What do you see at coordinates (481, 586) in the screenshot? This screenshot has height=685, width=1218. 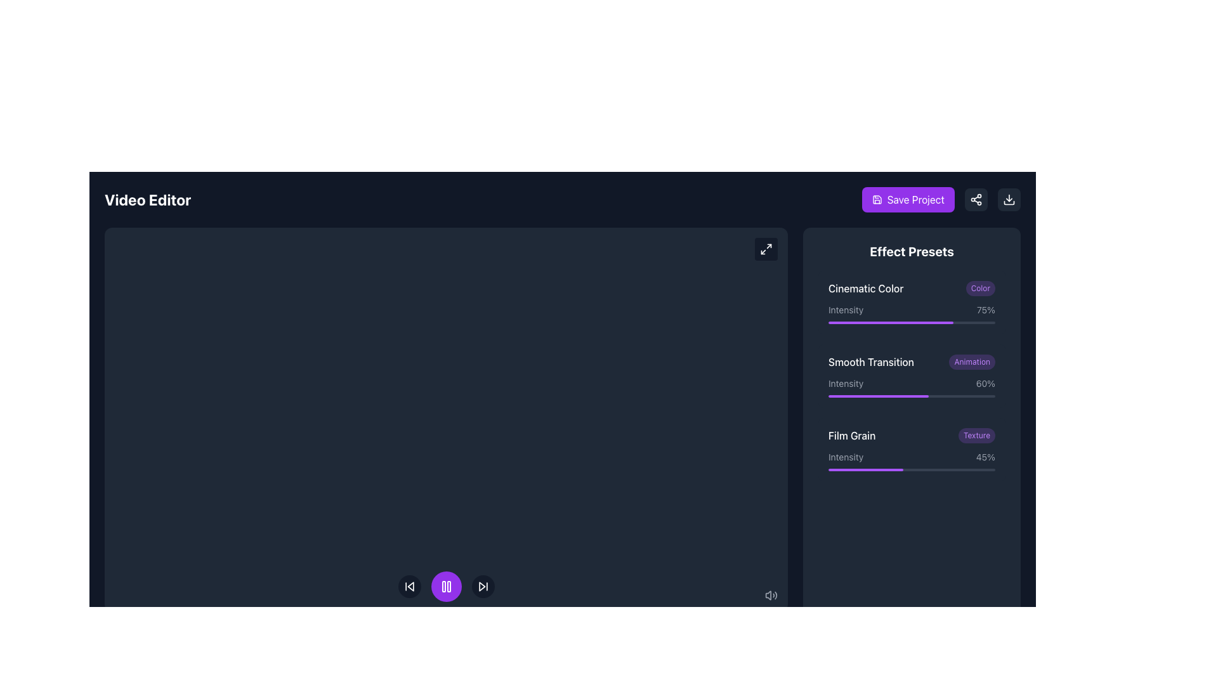 I see `the rightmost circular button with a red outlined play icon to trigger any associated advanced functionality` at bounding box center [481, 586].